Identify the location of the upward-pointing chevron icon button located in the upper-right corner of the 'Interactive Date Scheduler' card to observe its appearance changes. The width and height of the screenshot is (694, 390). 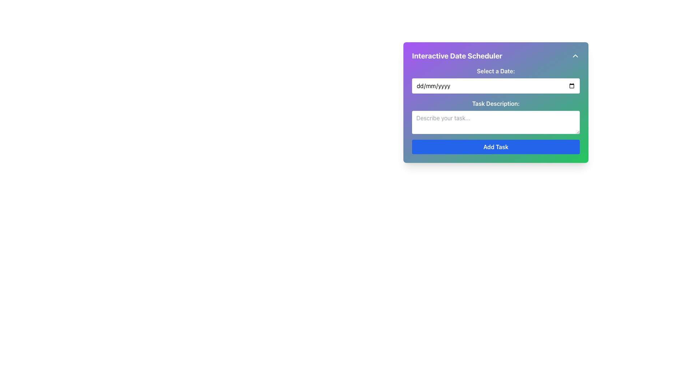
(575, 55).